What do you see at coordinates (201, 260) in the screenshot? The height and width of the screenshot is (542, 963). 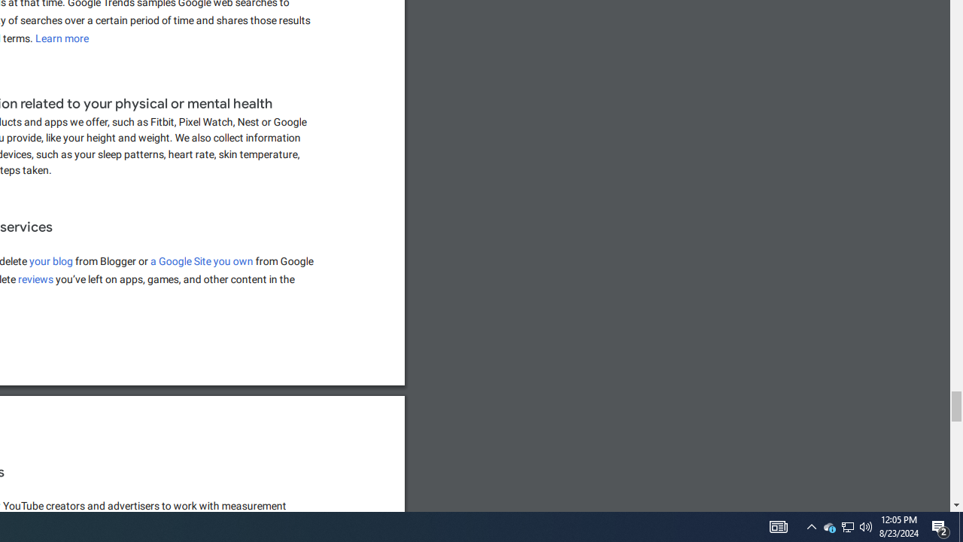 I see `'a Google Site you own'` at bounding box center [201, 260].